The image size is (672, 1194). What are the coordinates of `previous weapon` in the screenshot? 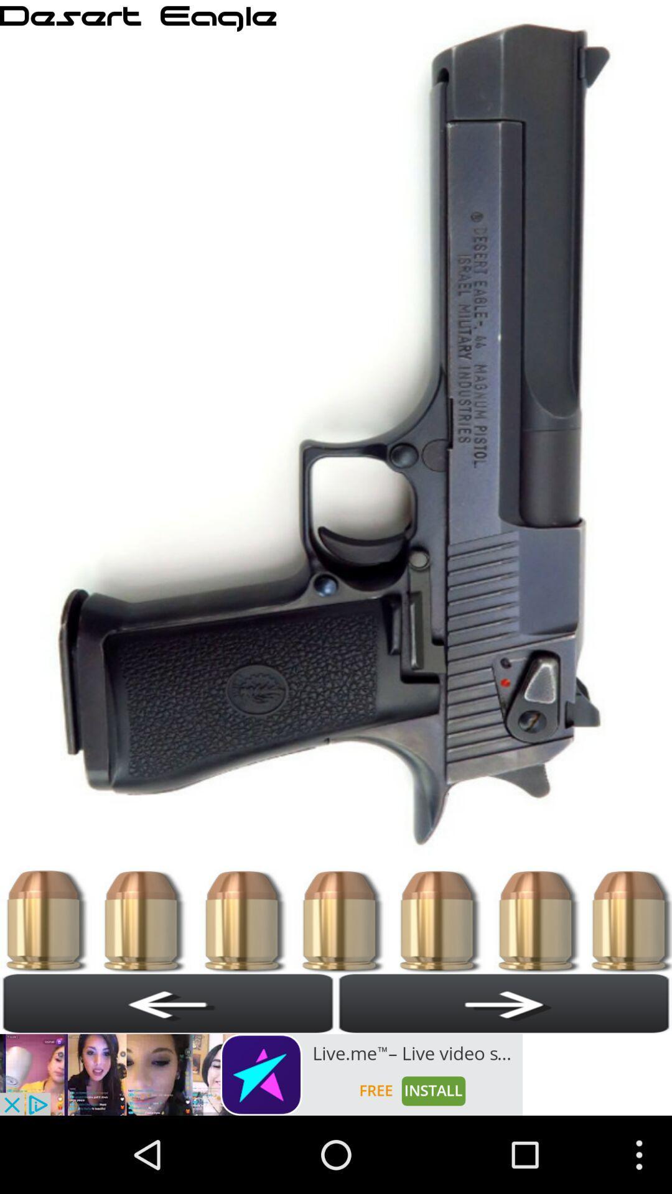 It's located at (168, 1003).